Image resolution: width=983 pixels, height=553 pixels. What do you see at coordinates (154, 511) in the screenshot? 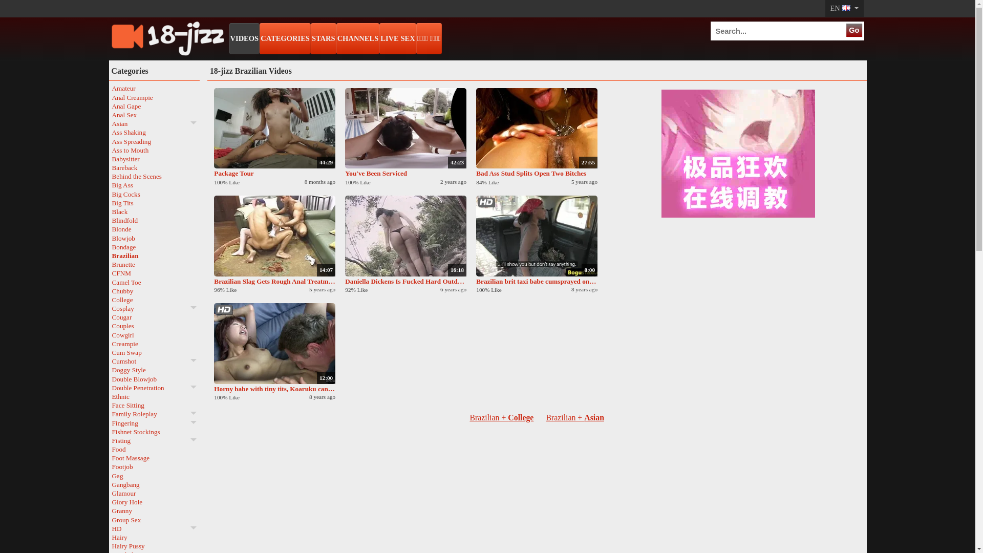
I see `'Granny'` at bounding box center [154, 511].